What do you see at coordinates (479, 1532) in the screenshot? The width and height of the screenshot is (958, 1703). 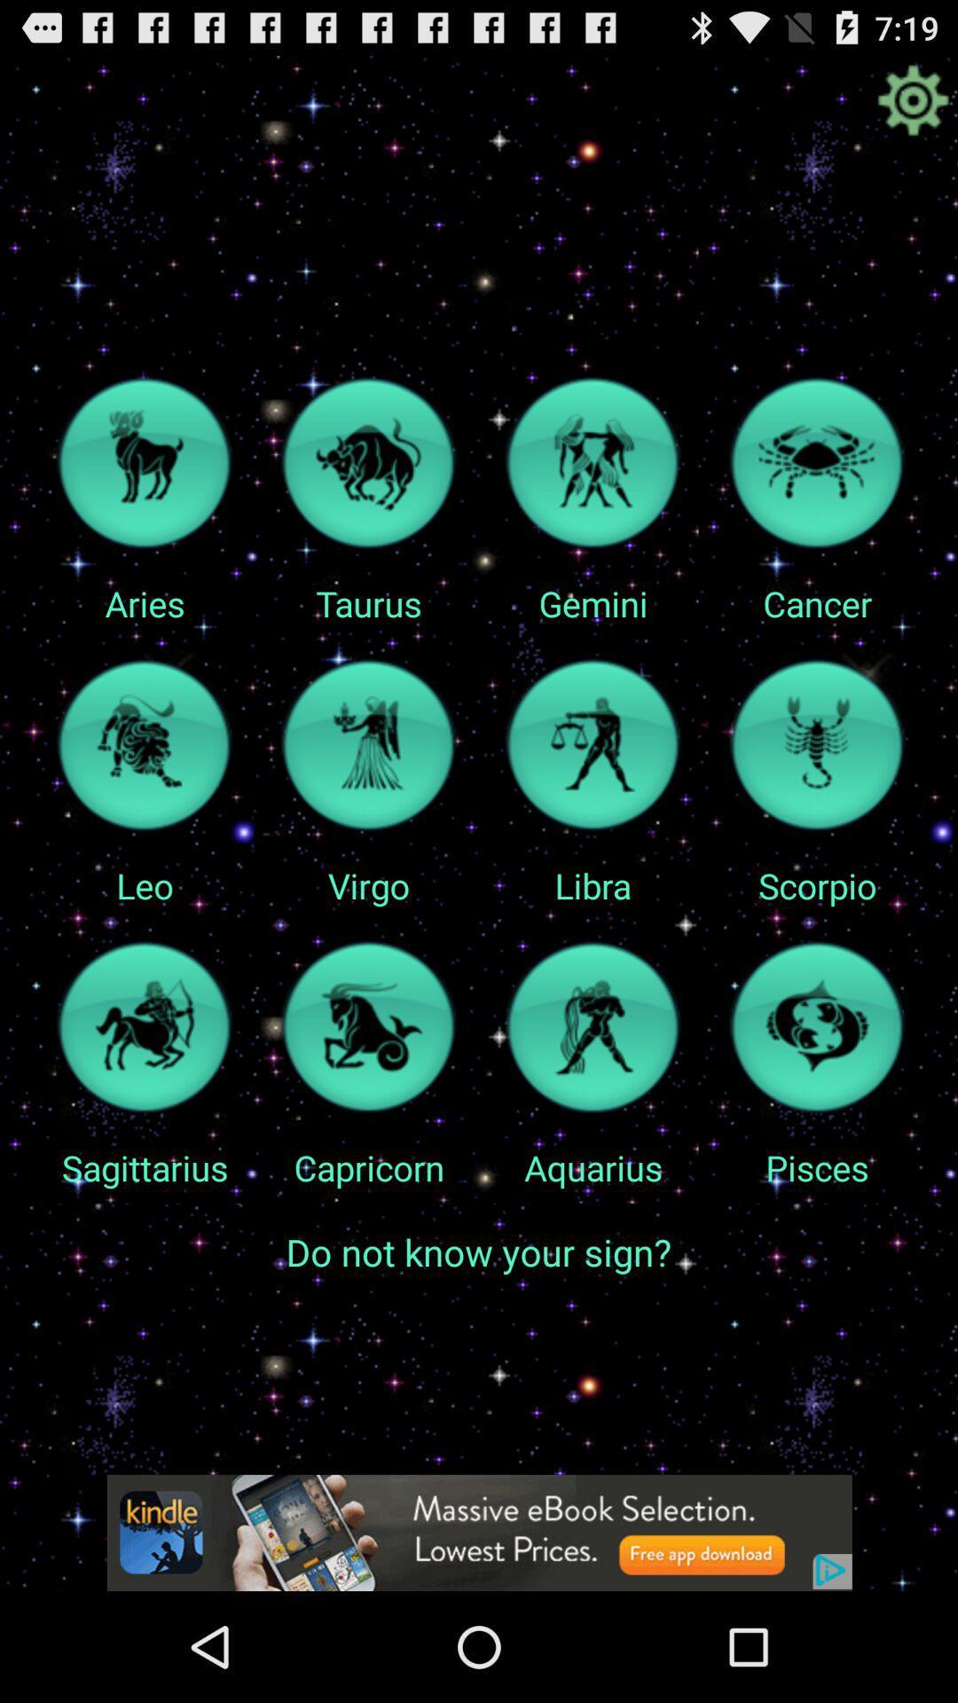 I see `advertisements` at bounding box center [479, 1532].